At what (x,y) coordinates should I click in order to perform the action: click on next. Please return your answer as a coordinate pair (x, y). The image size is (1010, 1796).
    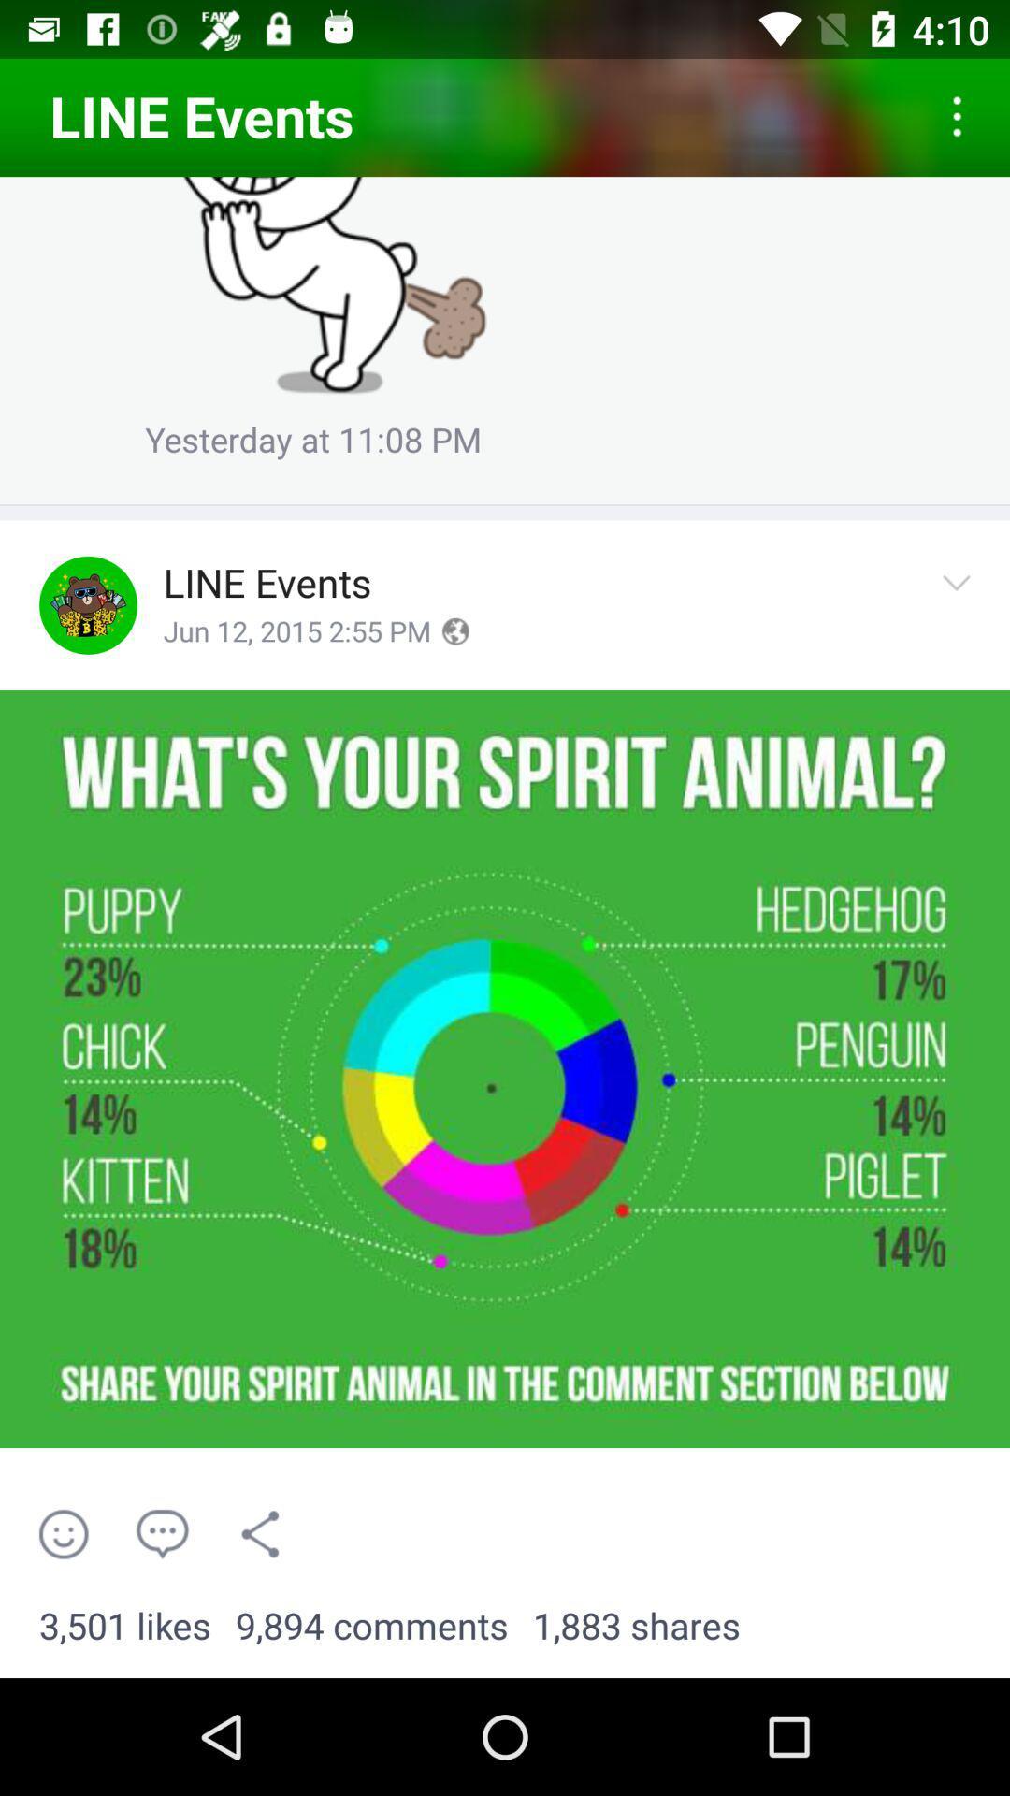
    Looking at the image, I should click on (962, 605).